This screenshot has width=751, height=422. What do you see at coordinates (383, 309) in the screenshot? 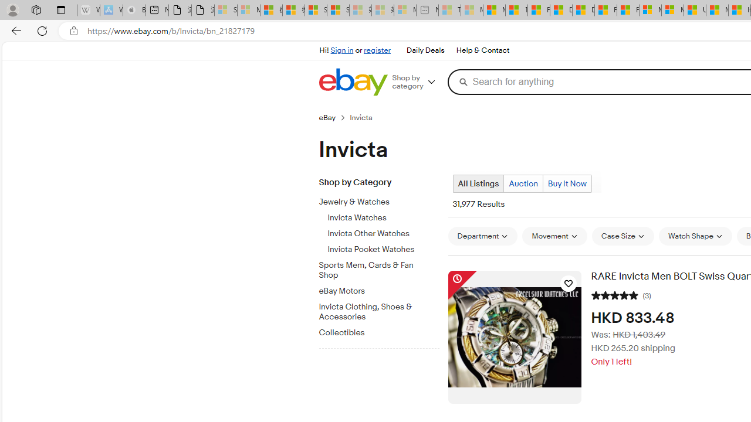
I see `'Invicta Clothing, Shoes & Accessories'` at bounding box center [383, 309].